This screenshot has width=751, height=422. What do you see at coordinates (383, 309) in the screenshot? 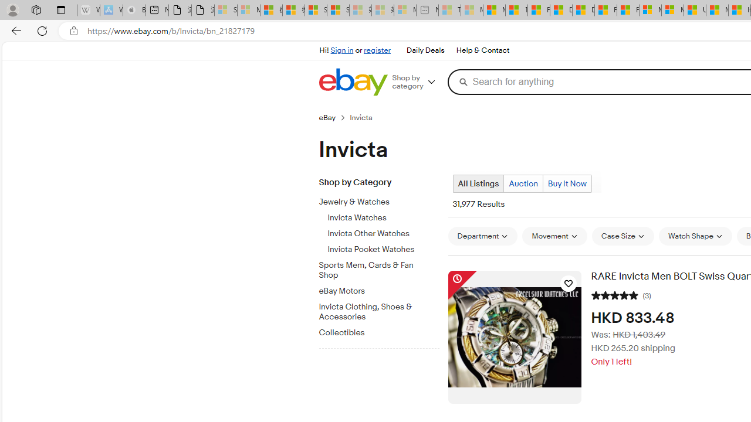
I see `'Invicta Clothing, Shoes & Accessories'` at bounding box center [383, 309].